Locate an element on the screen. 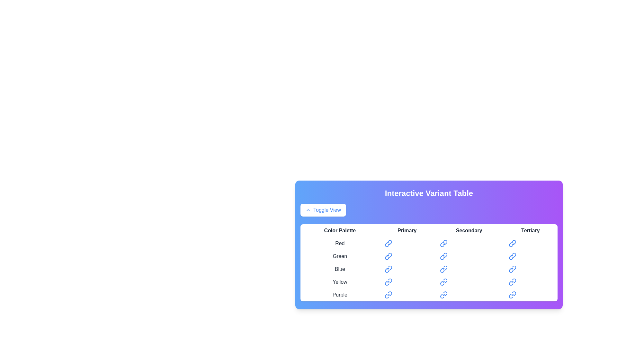 This screenshot has width=617, height=347. text of the label indicating the color 'Green' located in the second row of the 'Color Palette' section in the table is located at coordinates (339, 256).